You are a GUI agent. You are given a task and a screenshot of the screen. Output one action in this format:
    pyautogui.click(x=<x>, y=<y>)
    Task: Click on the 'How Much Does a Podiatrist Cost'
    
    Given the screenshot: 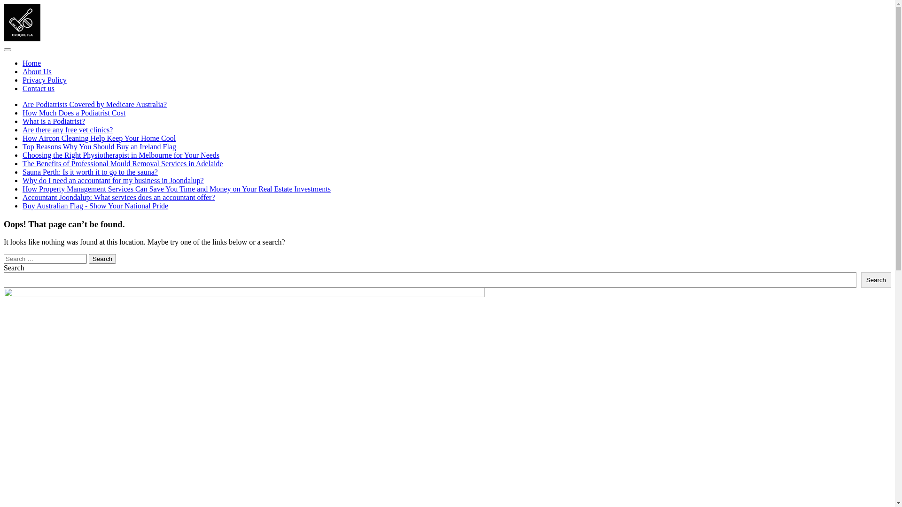 What is the action you would take?
    pyautogui.click(x=73, y=112)
    